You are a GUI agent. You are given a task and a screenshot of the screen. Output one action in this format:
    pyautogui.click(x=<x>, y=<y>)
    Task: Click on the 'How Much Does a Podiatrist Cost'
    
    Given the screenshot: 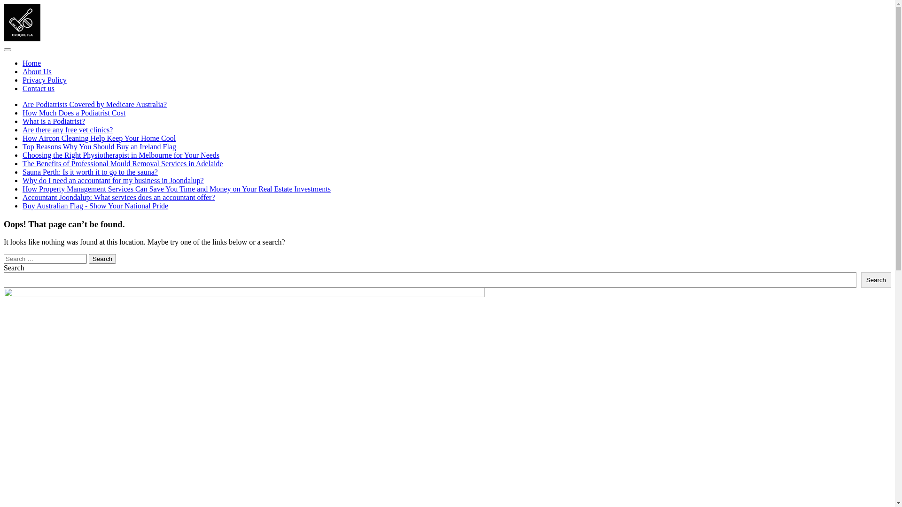 What is the action you would take?
    pyautogui.click(x=73, y=112)
    